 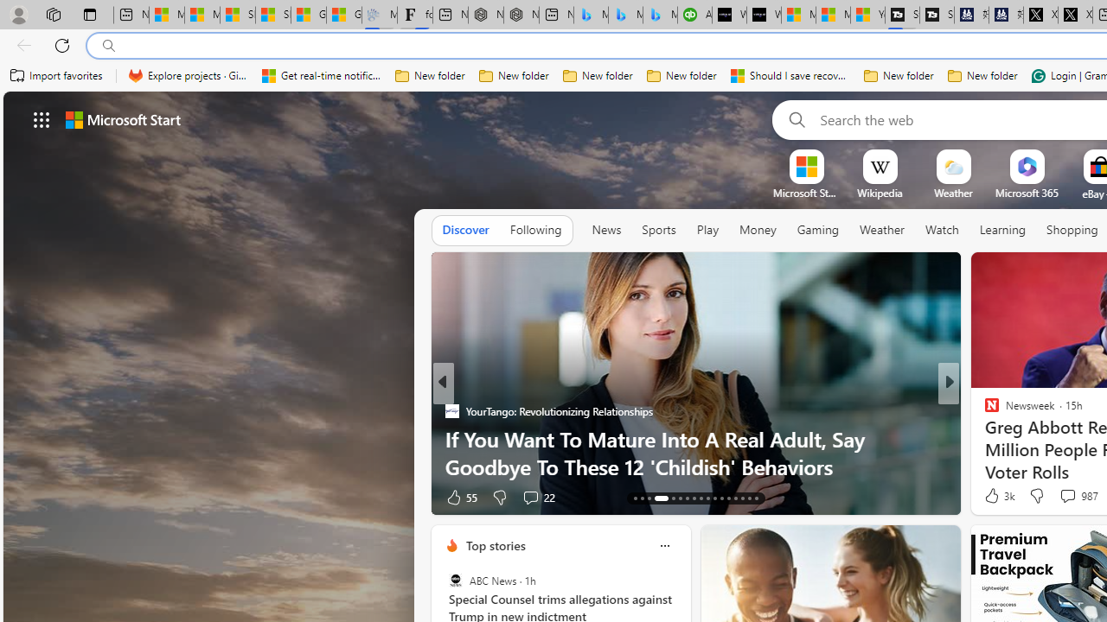 What do you see at coordinates (728, 498) in the screenshot?
I see `'AutomationID: tab-25'` at bounding box center [728, 498].